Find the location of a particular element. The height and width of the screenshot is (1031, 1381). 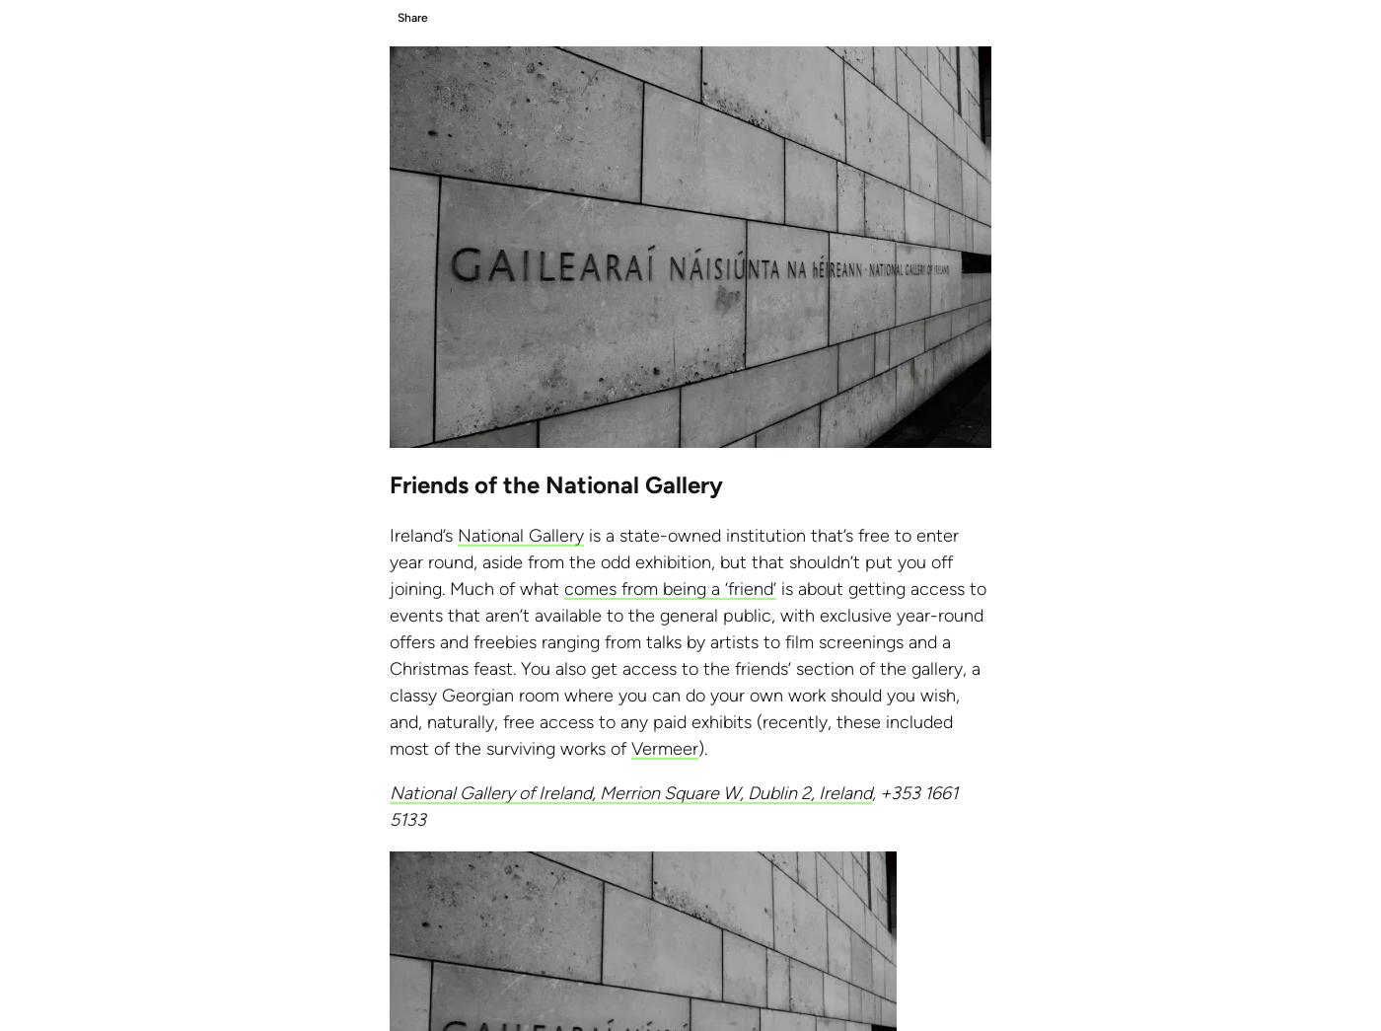

'US:' is located at coordinates (534, 248).